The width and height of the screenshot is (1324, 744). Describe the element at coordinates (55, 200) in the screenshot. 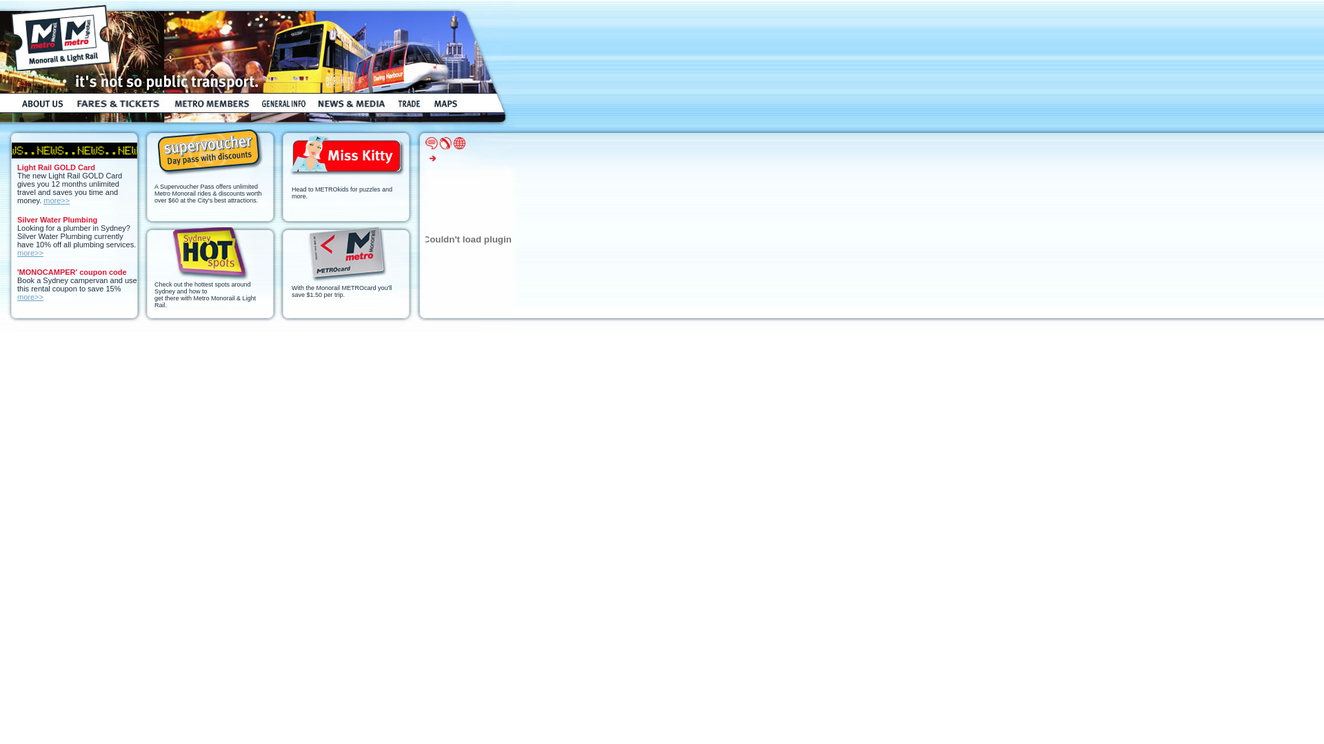

I see `'more>>'` at that location.